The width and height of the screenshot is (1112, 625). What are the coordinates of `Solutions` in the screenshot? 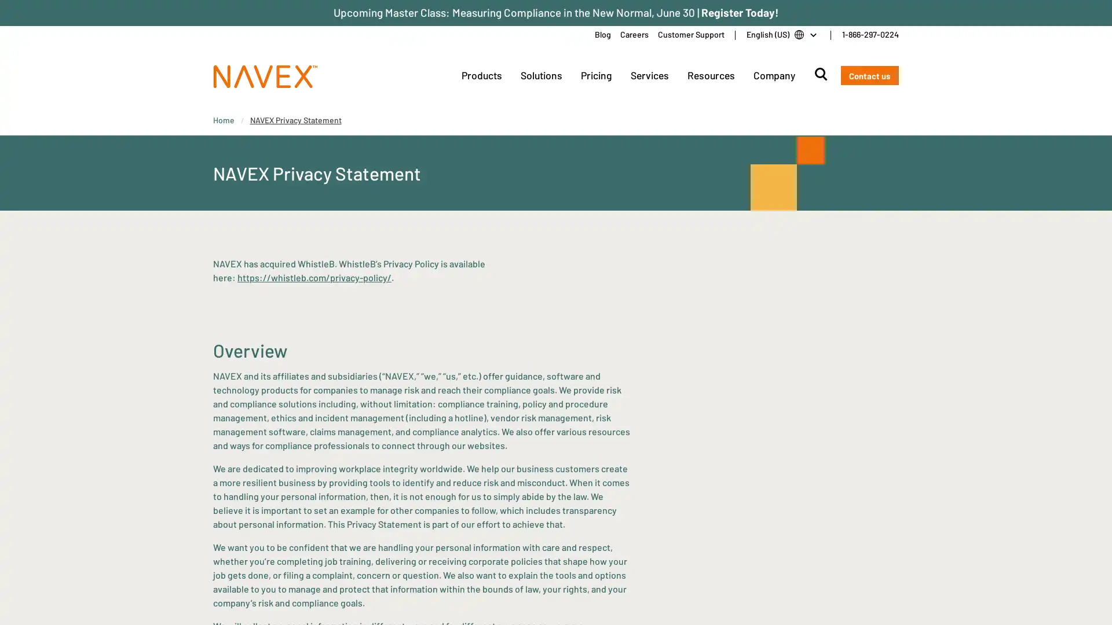 It's located at (540, 75).